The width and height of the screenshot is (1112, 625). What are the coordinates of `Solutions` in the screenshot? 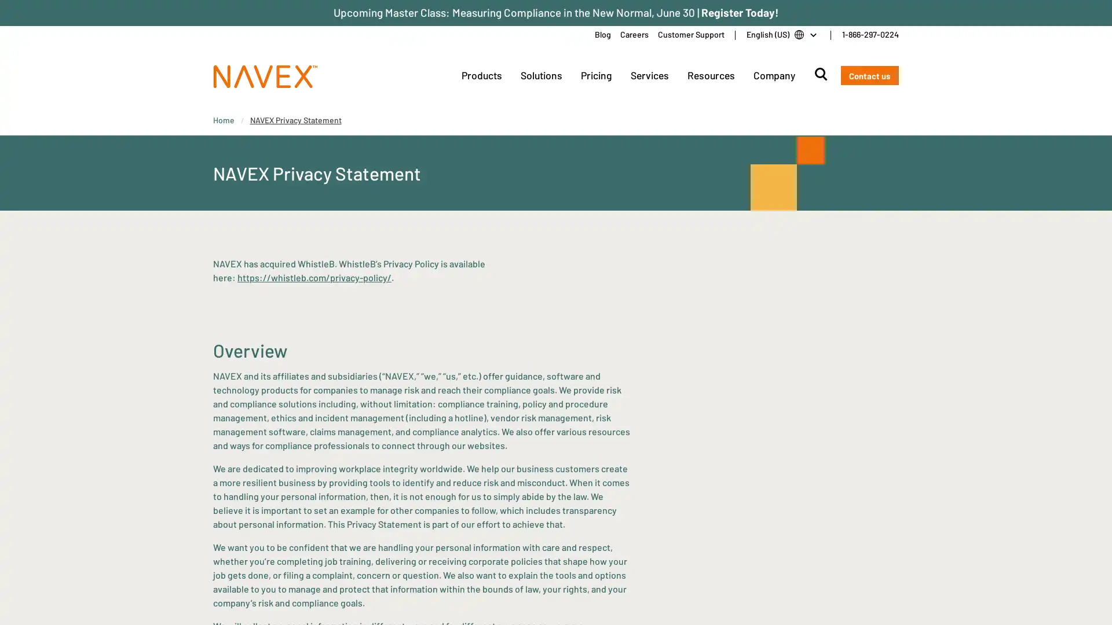 It's located at (540, 75).